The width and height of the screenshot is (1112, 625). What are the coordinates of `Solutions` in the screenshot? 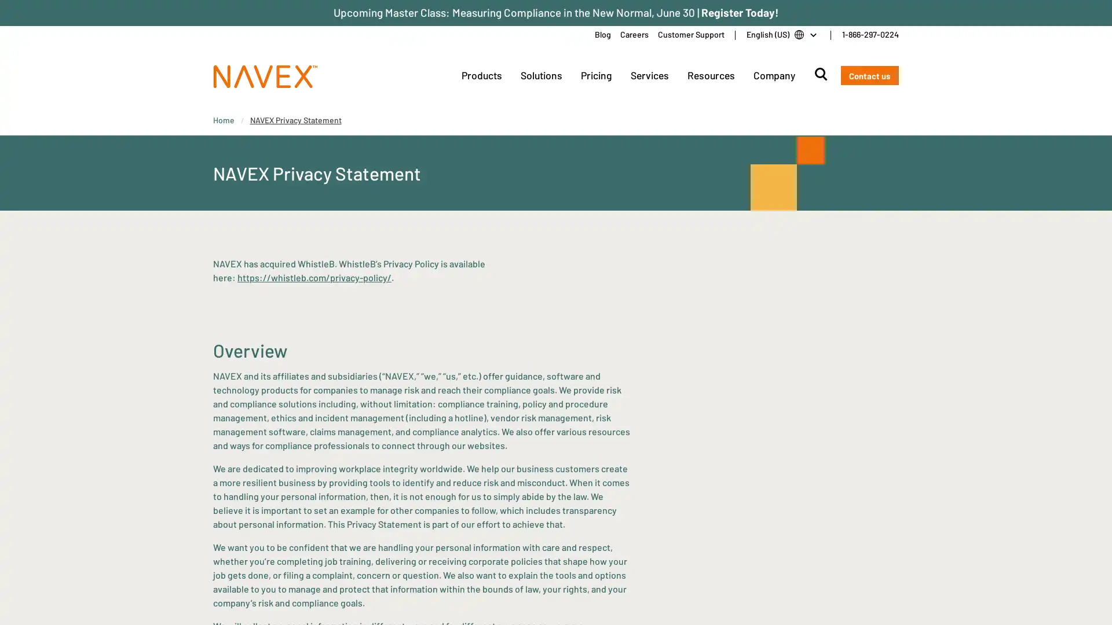 It's located at (540, 75).